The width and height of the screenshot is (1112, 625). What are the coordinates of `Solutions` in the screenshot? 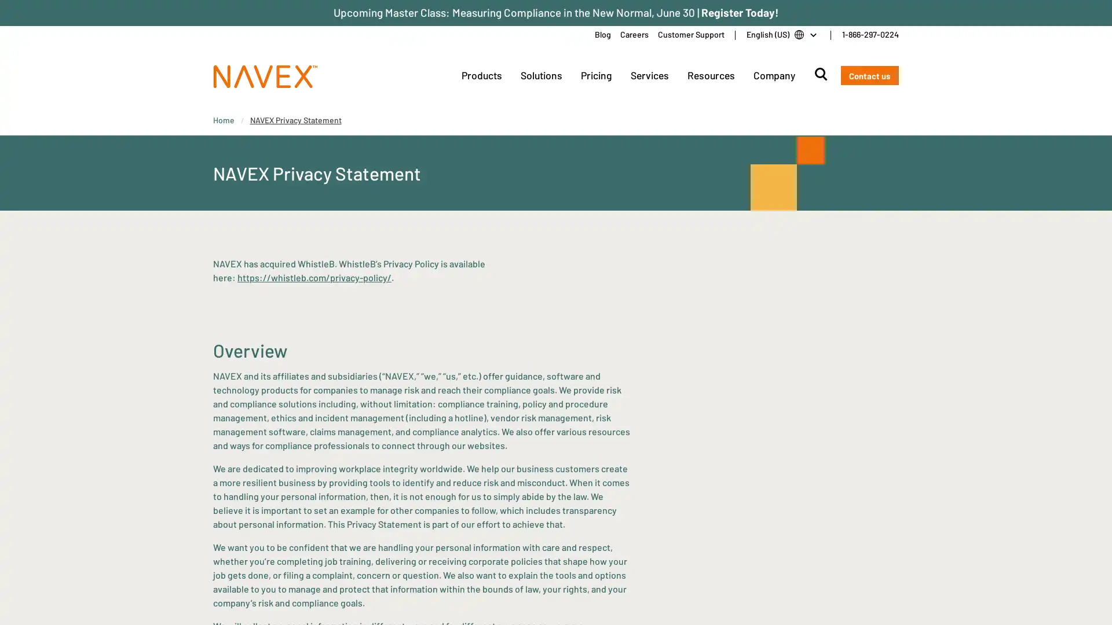 It's located at (540, 75).